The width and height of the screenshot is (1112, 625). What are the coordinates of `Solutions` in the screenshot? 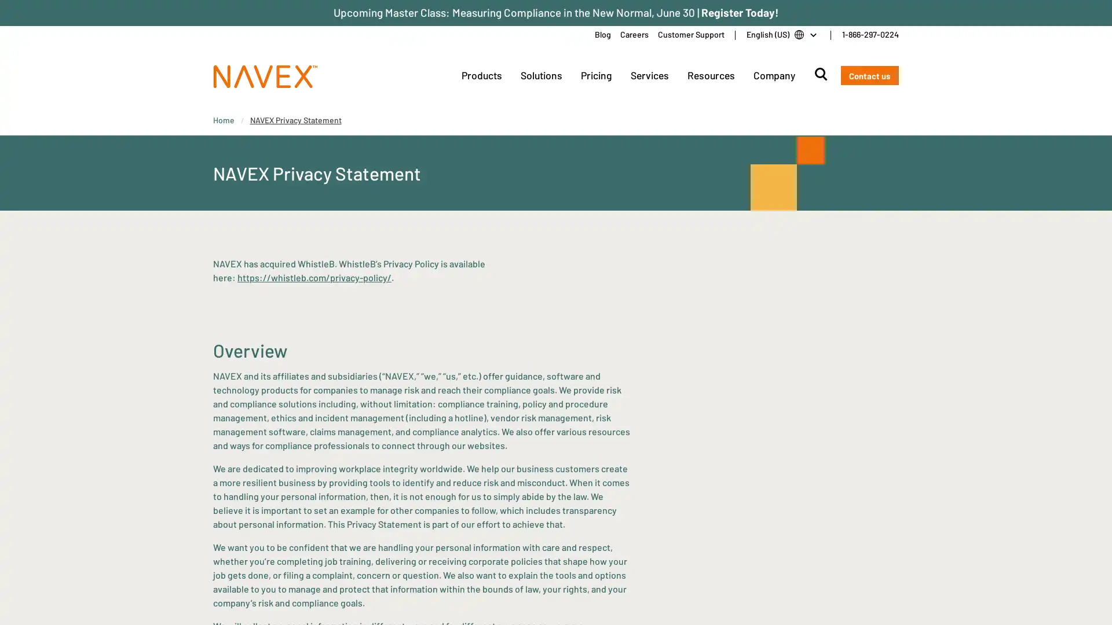 It's located at (540, 75).